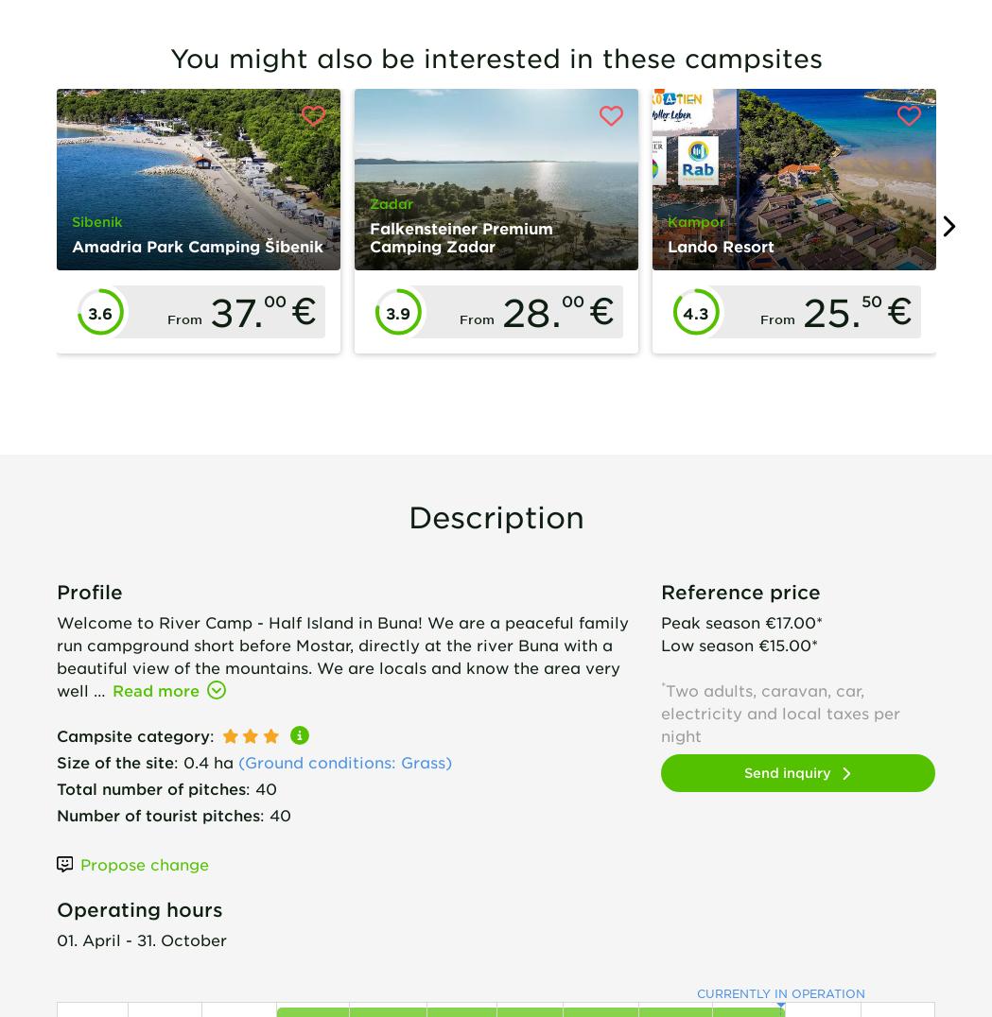 This screenshot has height=1017, width=992. What do you see at coordinates (384, 312) in the screenshot?
I see `'3.9'` at bounding box center [384, 312].